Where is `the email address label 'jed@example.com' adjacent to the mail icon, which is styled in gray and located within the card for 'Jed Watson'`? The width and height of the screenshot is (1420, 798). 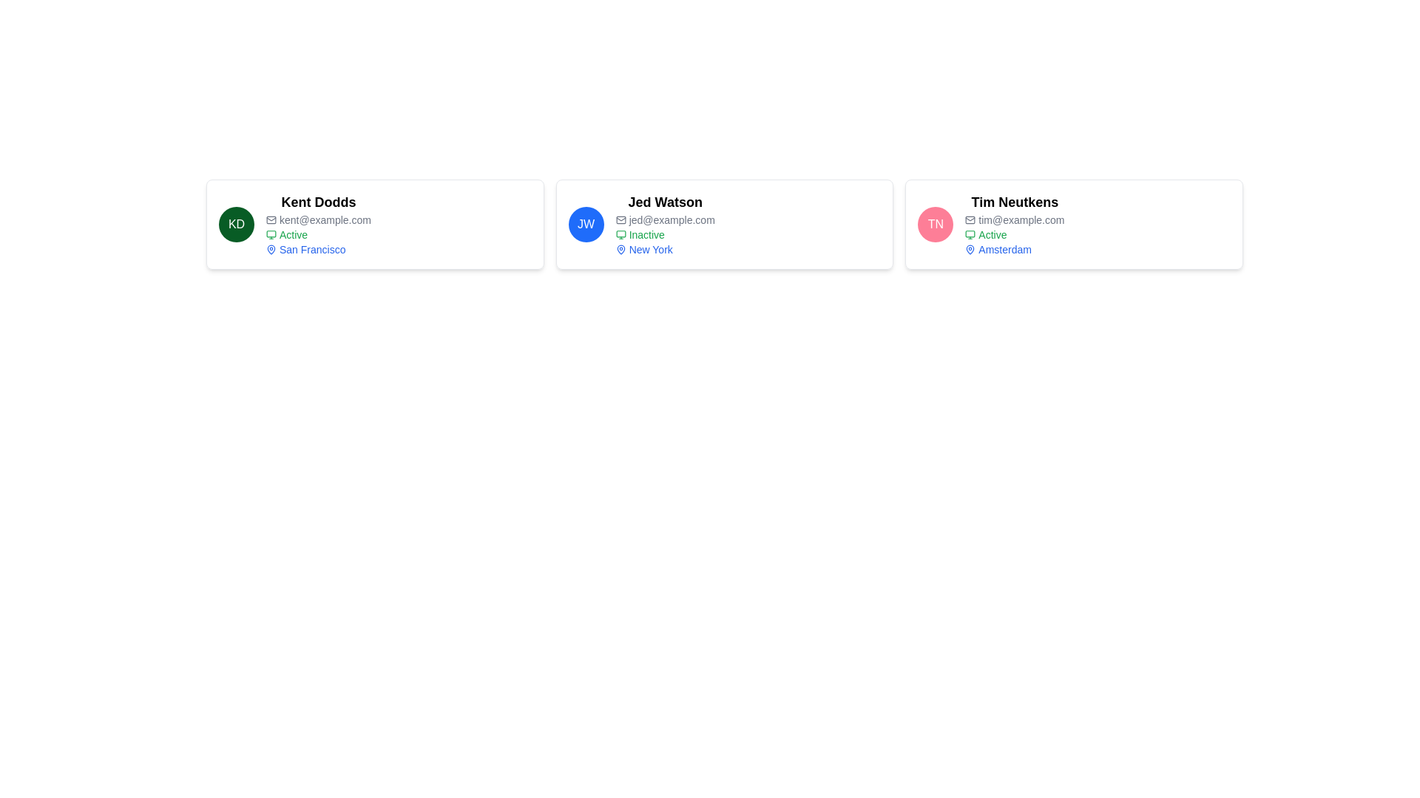
the email address label 'jed@example.com' adjacent to the mail icon, which is styled in gray and located within the card for 'Jed Watson' is located at coordinates (664, 219).